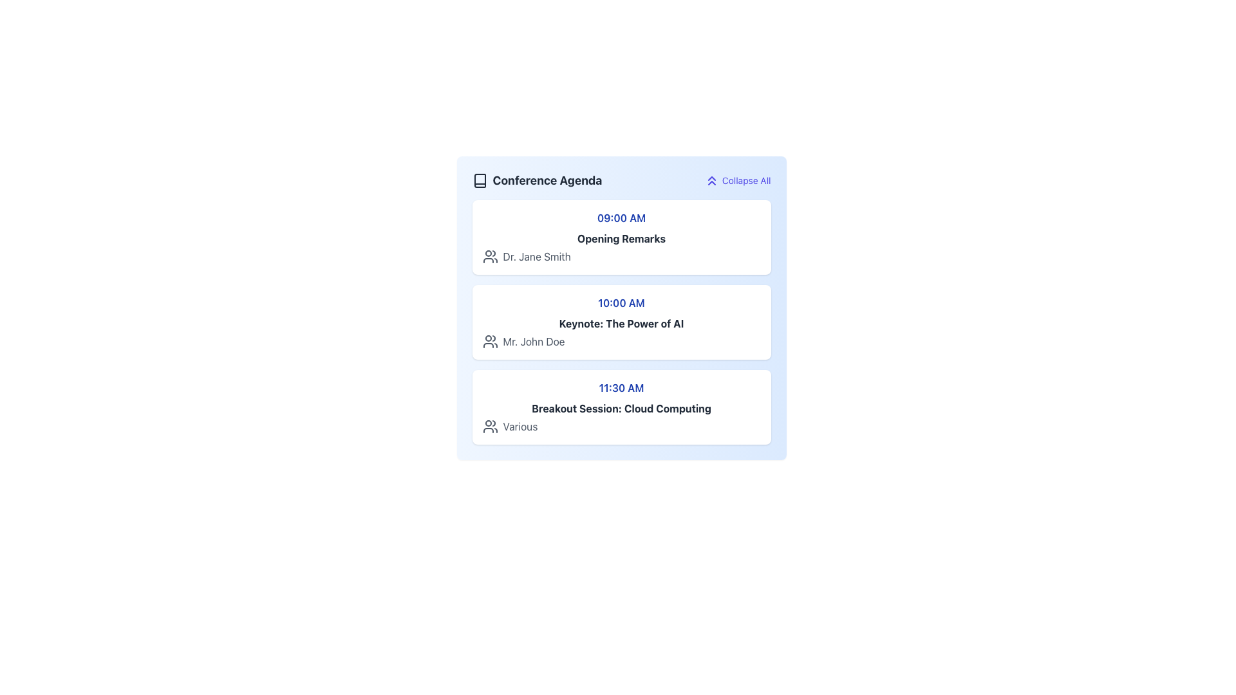  What do you see at coordinates (489, 427) in the screenshot?
I see `the group icon representing individuals, located in the bottom section of the 'Conference Agenda' panel, aligned to the left of the text 'Various' in the 'Breakout Session: Cloud Computing' entry` at bounding box center [489, 427].